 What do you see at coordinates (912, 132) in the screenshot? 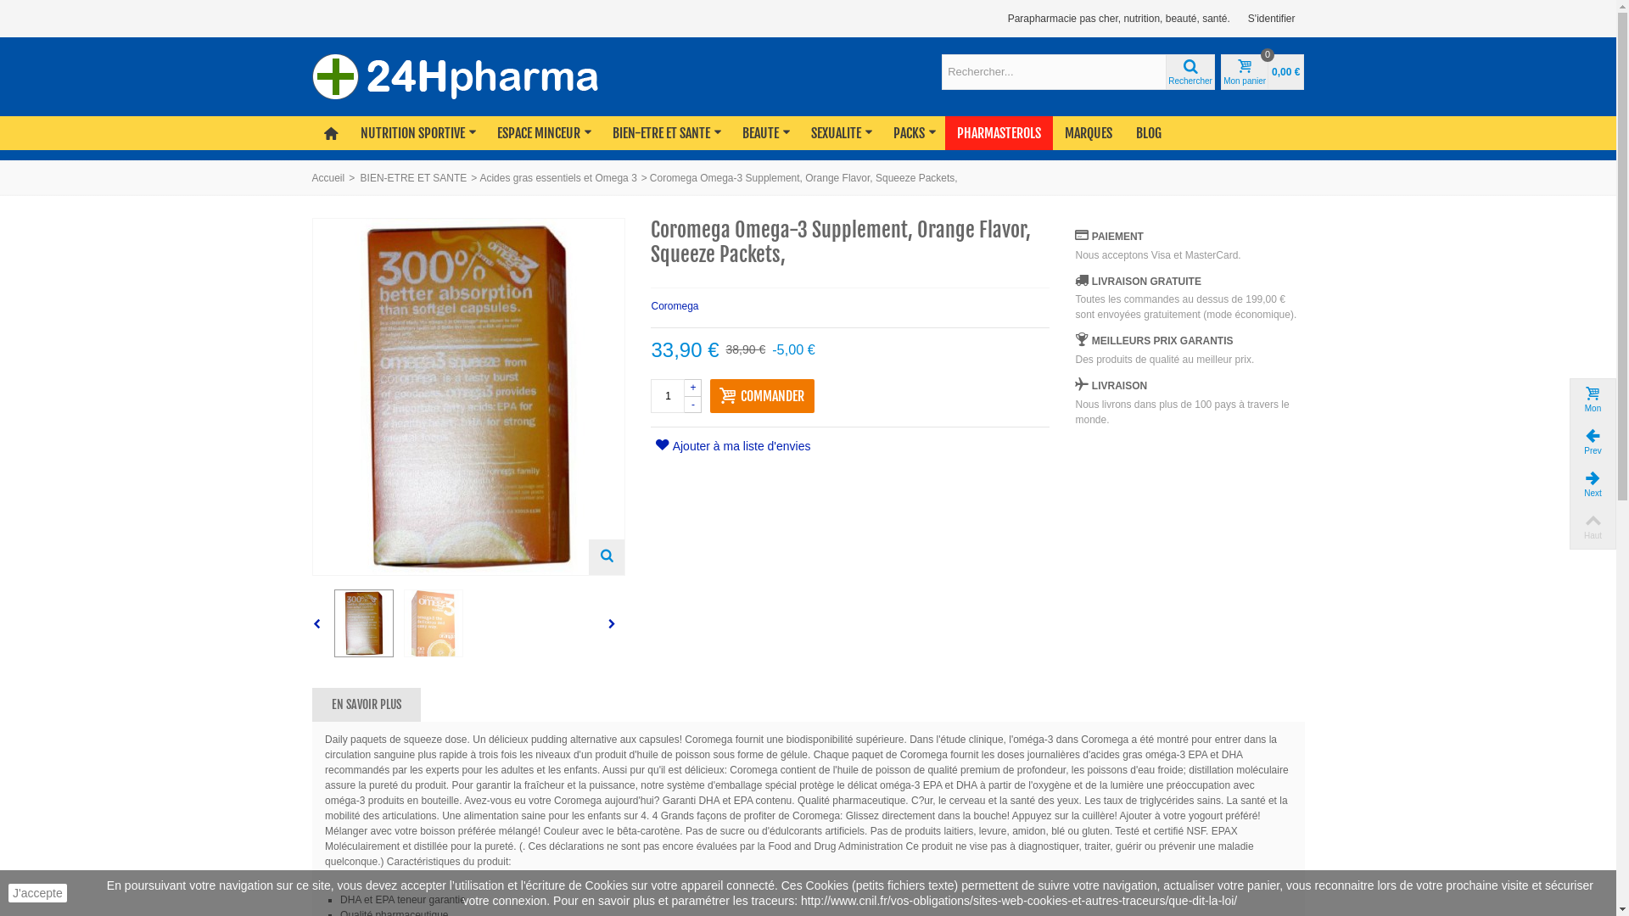
I see `'PACKS'` at bounding box center [912, 132].